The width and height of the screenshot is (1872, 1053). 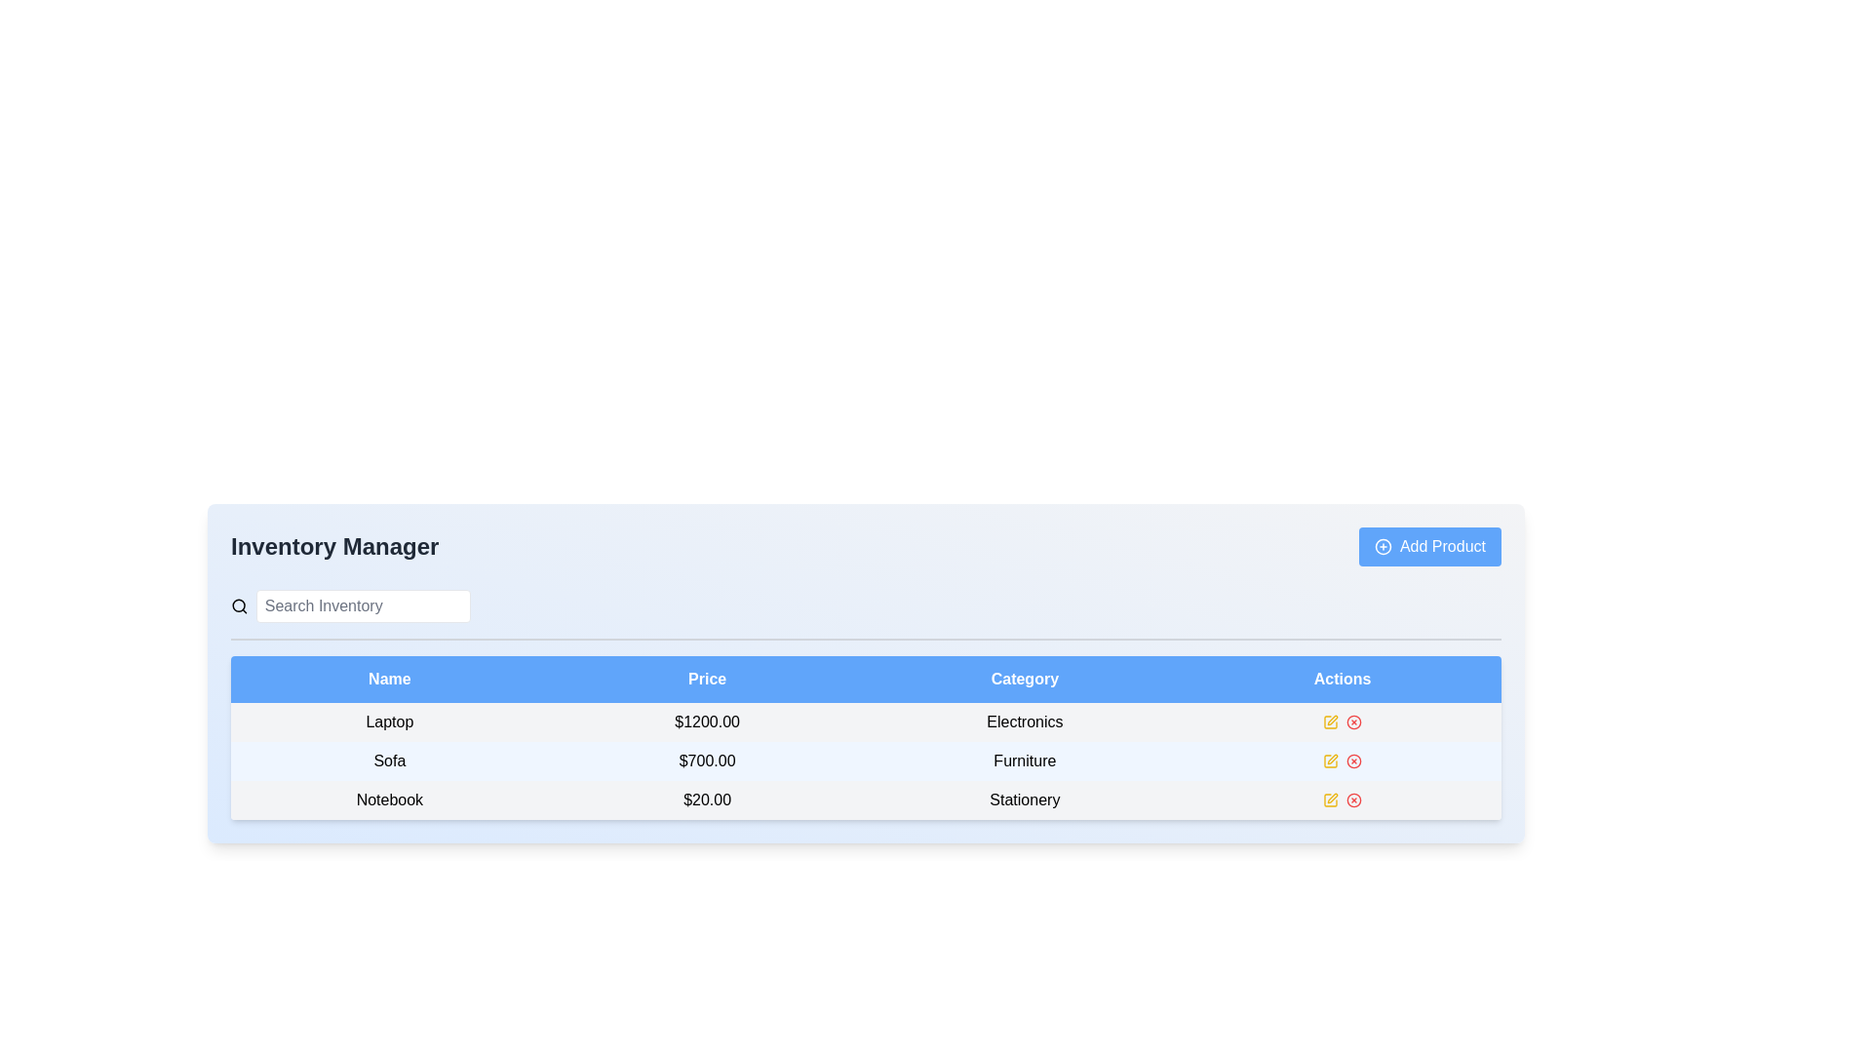 What do you see at coordinates (363, 604) in the screenshot?
I see `on the 'Search Inventory' text input box, which is a rectangular input field with rounded corners located under the 'Inventory Manager' title` at bounding box center [363, 604].